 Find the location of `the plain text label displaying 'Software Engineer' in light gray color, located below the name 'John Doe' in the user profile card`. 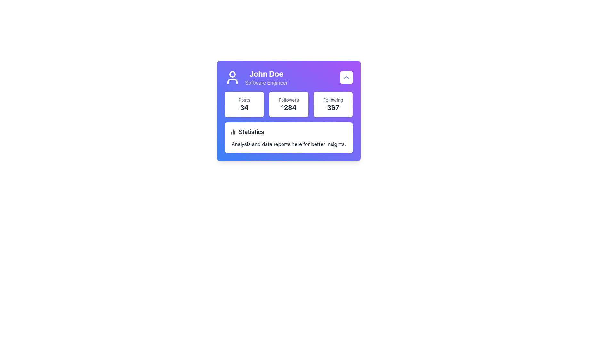

the plain text label displaying 'Software Engineer' in light gray color, located below the name 'John Doe' in the user profile card is located at coordinates (266, 82).